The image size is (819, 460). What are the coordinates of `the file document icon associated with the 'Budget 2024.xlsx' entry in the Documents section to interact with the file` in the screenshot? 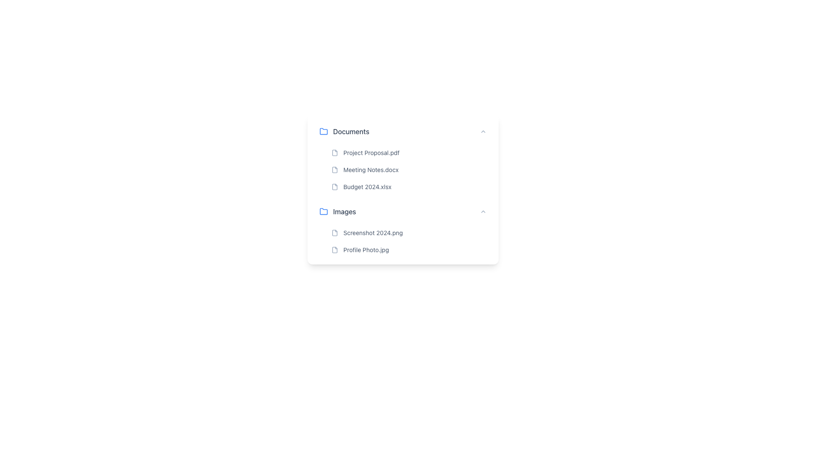 It's located at (334, 187).